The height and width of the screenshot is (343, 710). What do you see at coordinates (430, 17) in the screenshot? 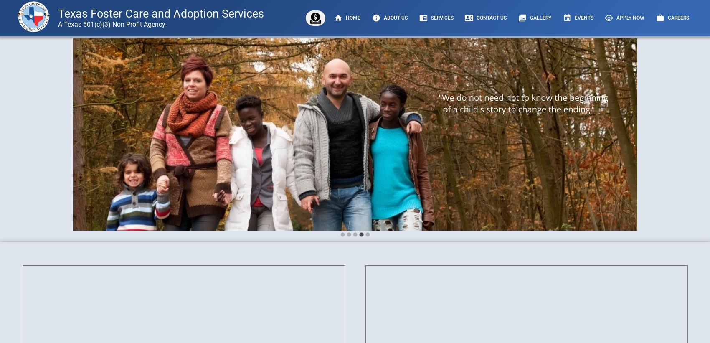
I see `'Services'` at bounding box center [430, 17].